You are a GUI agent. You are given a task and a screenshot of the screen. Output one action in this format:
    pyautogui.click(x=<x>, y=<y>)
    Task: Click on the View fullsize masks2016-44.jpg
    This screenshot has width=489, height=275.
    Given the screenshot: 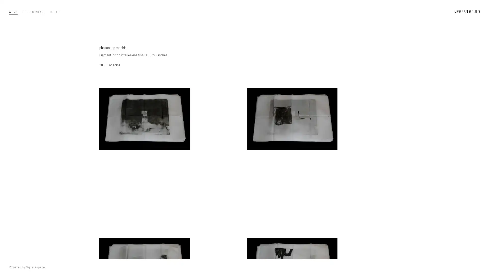 What is the action you would take?
    pyautogui.click(x=318, y=145)
    